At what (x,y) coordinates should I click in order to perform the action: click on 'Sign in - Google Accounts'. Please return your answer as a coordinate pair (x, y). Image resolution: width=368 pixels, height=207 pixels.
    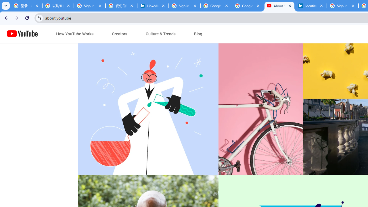
    Looking at the image, I should click on (185, 6).